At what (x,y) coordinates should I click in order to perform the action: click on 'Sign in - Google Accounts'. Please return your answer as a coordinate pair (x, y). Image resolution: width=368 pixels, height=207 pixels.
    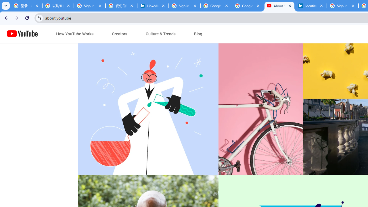
    Looking at the image, I should click on (185, 6).